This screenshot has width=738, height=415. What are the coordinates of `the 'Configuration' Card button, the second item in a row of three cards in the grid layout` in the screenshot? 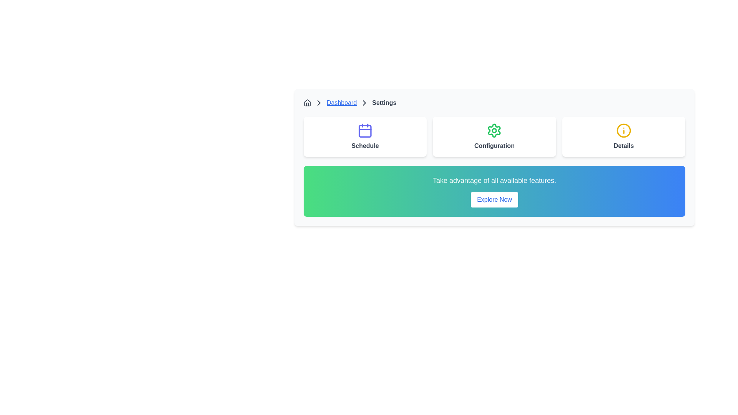 It's located at (494, 136).